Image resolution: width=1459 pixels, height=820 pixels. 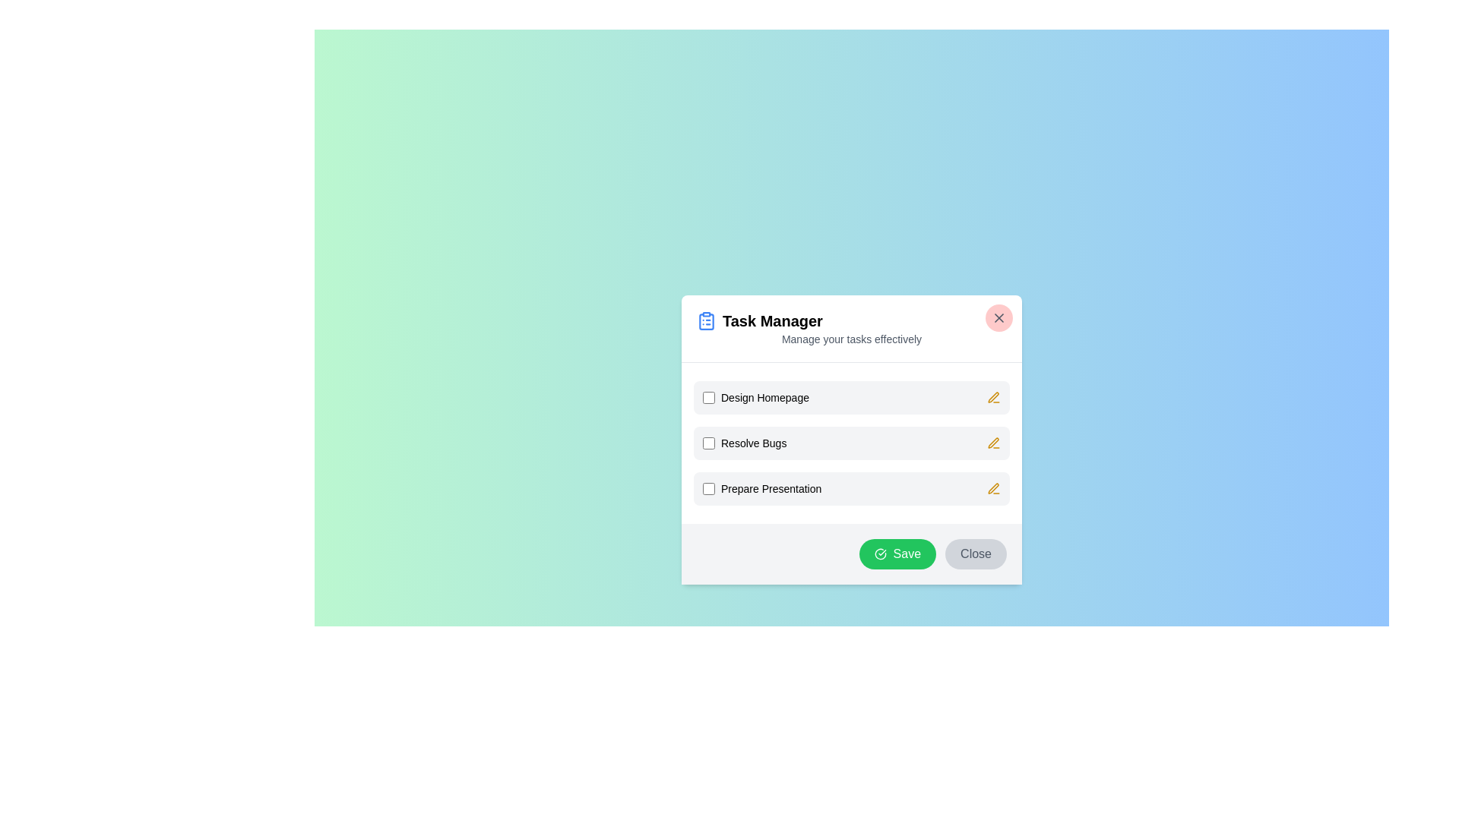 I want to click on the static text label that reads 'Manage your tasks effectively', which is located below the 'Task Manager' heading and centered within the bordered section, so click(x=852, y=338).